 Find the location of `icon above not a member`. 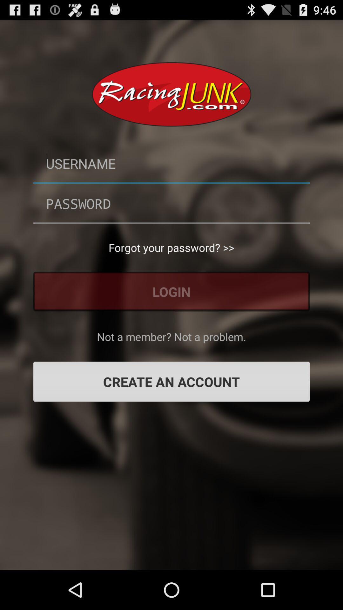

icon above not a member is located at coordinates (171, 291).